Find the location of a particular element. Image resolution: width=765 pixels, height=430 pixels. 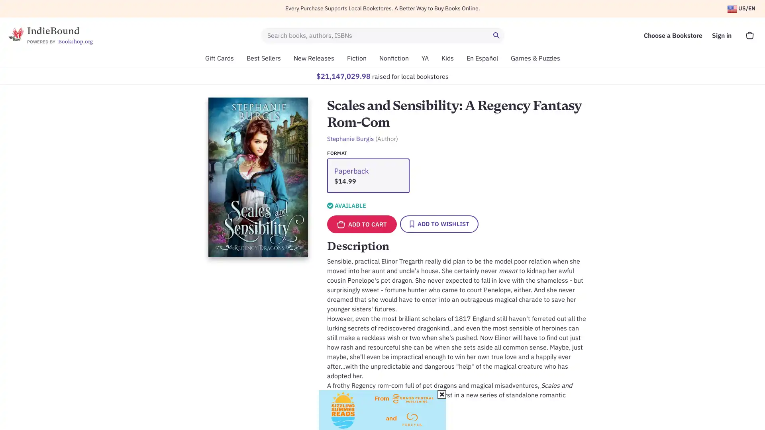

ADD TO CART is located at coordinates (361, 224).